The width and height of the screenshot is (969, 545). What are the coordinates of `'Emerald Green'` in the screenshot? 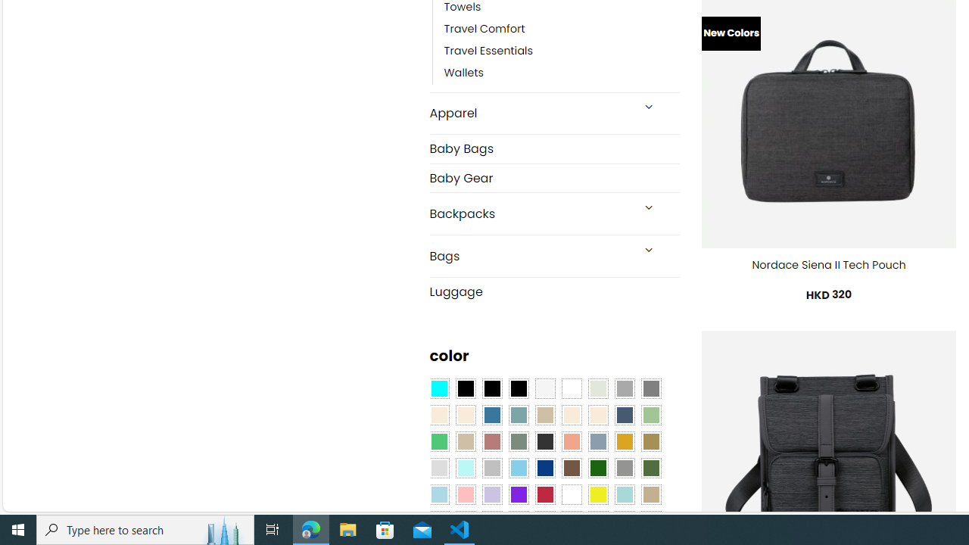 It's located at (438, 441).